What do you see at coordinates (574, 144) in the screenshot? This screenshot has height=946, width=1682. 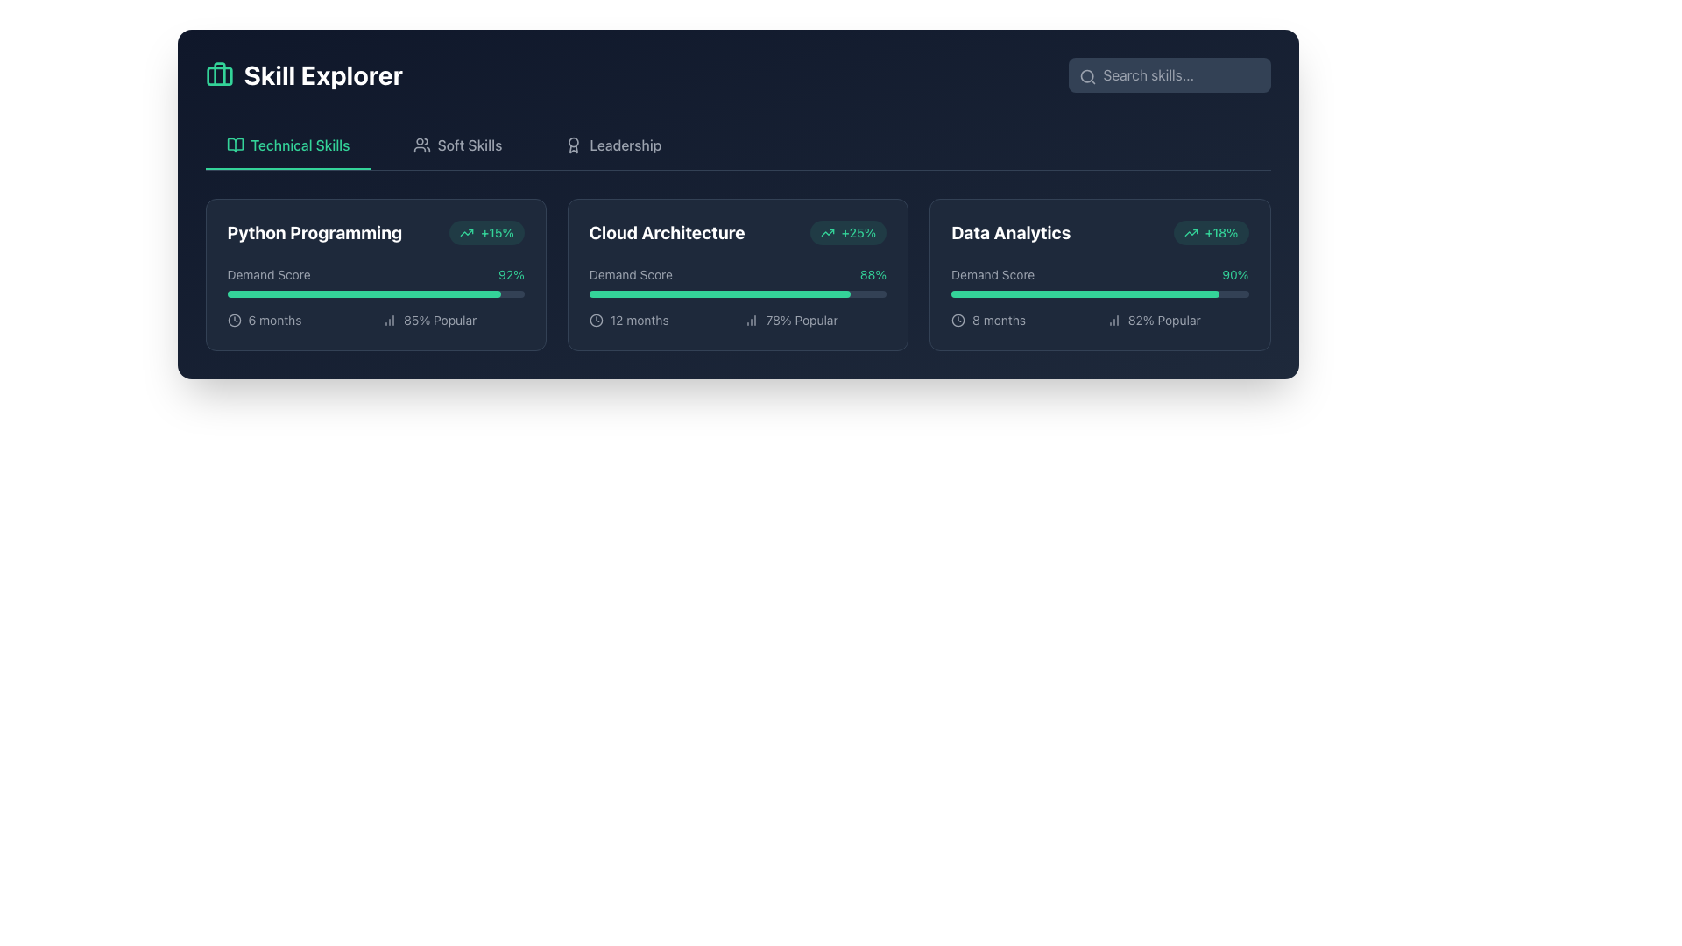 I see `the decorative icon representing the 'Leadership' section in the navigation menu by moving the cursor to its center` at bounding box center [574, 144].